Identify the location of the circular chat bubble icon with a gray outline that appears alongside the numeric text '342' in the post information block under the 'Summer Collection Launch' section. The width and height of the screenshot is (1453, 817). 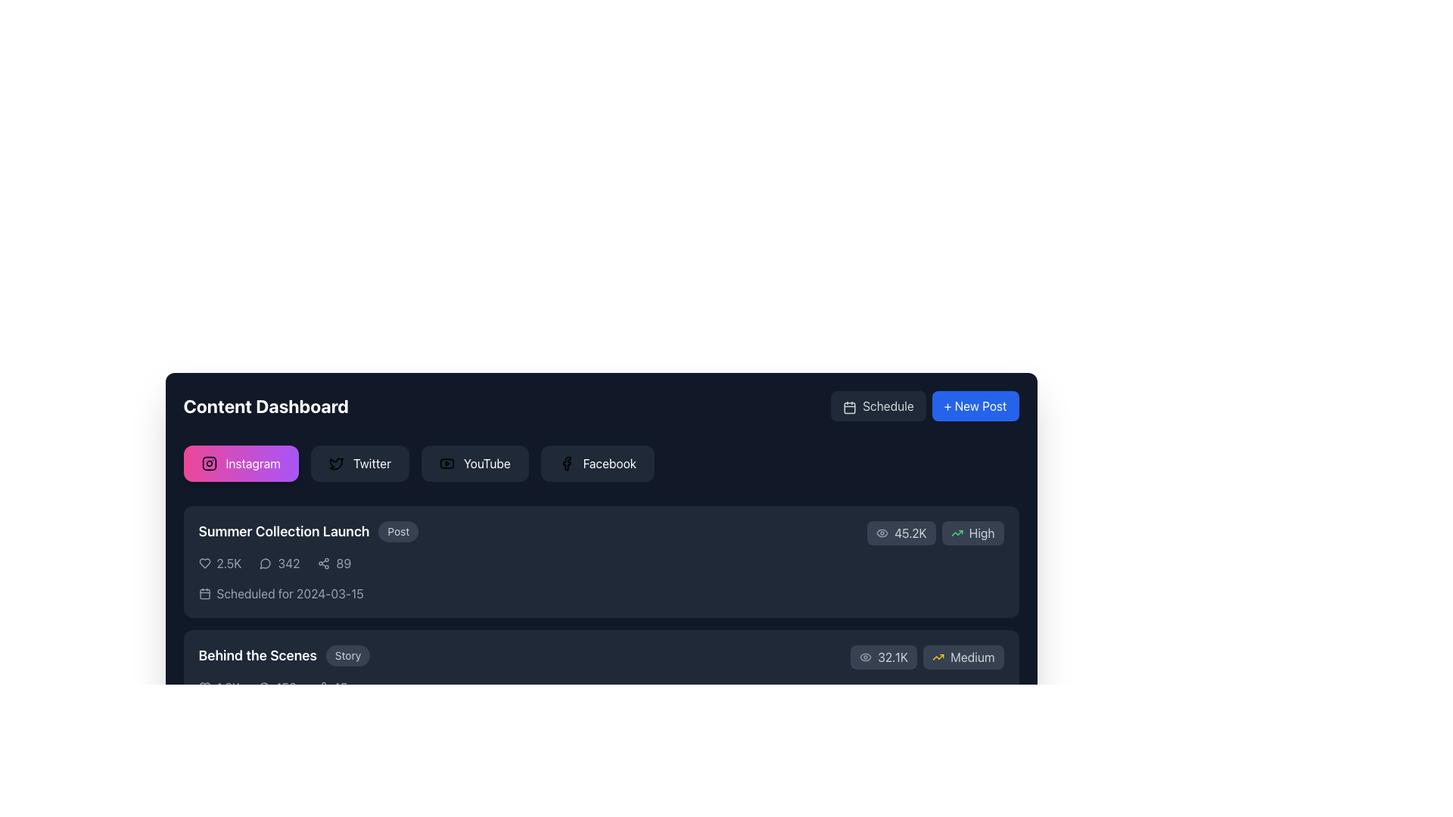
(266, 563).